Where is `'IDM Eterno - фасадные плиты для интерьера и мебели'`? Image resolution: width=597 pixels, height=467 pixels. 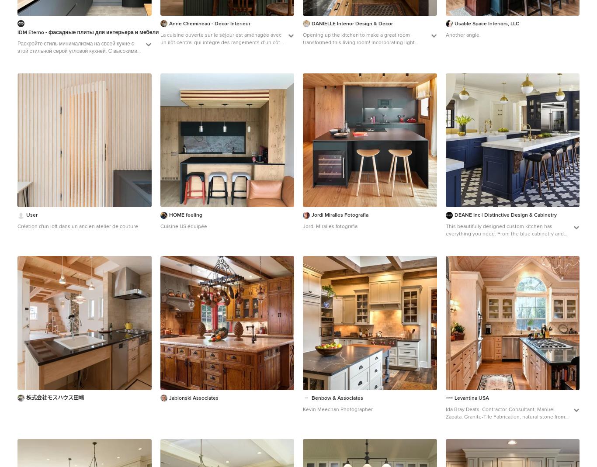 'IDM Eterno - фасадные плиты для интерьера и мебели' is located at coordinates (87, 31).